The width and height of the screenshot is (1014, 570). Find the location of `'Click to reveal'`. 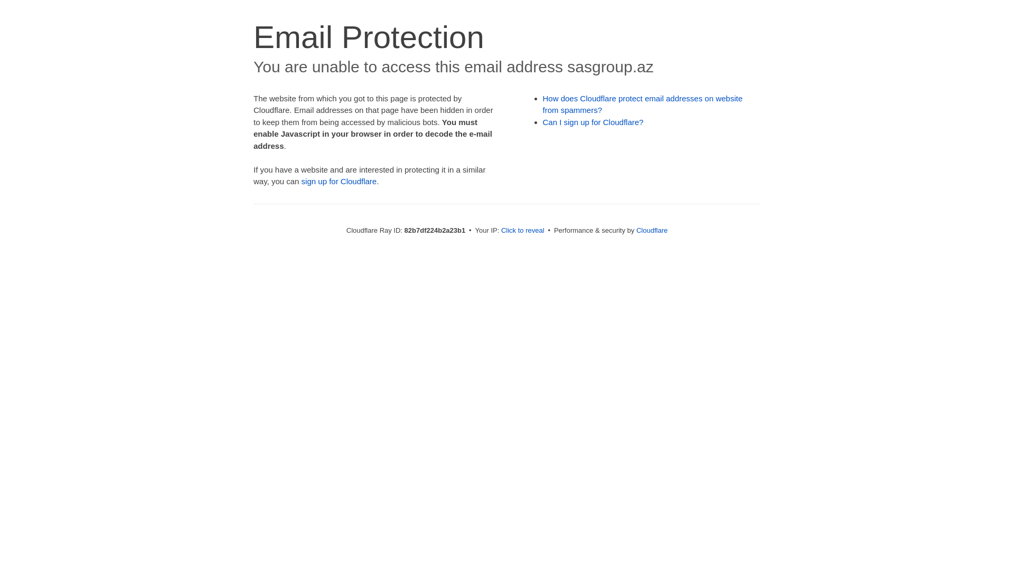

'Click to reveal' is located at coordinates (501, 230).